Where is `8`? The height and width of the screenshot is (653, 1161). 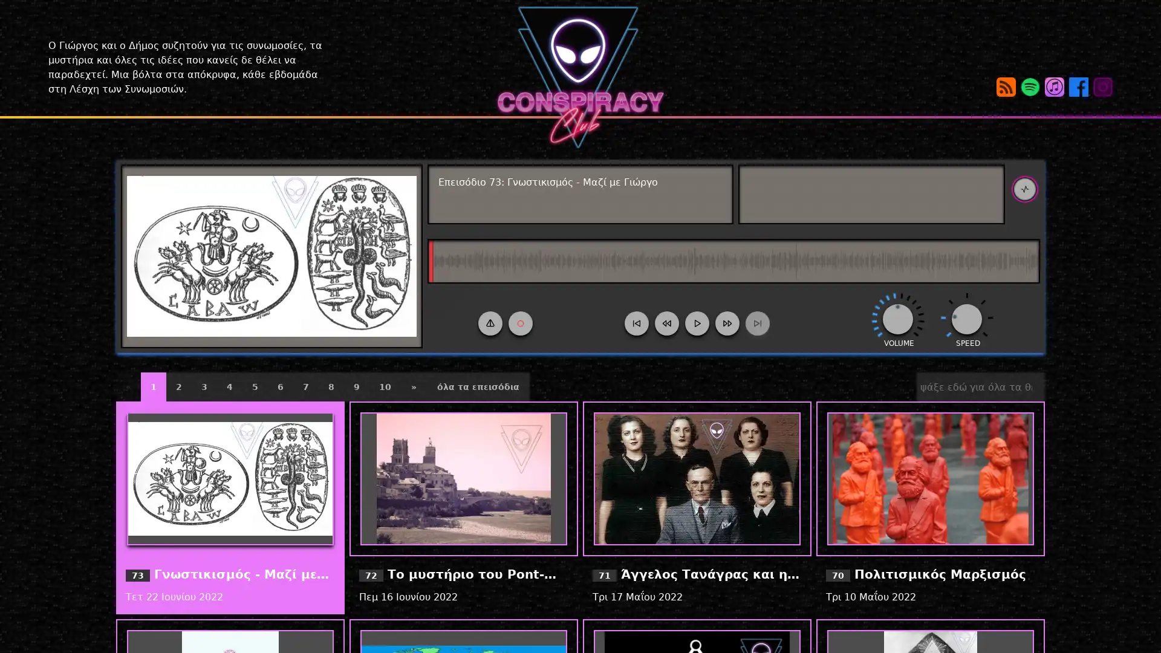 8 is located at coordinates (331, 387).